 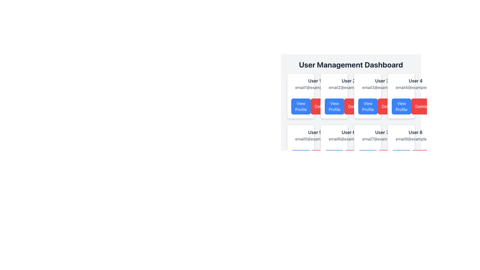 I want to click on the text label or heading located, so click(x=415, y=132).